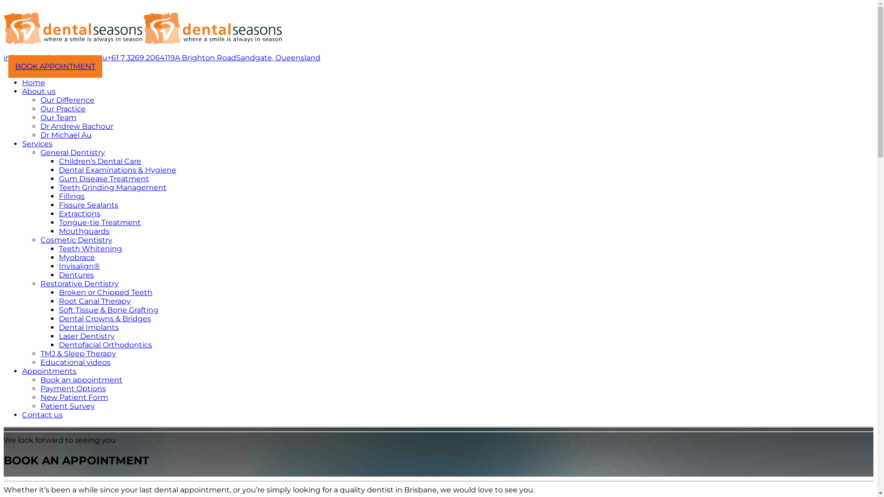 The width and height of the screenshot is (884, 497). I want to click on 'Myobrace', so click(58, 257).